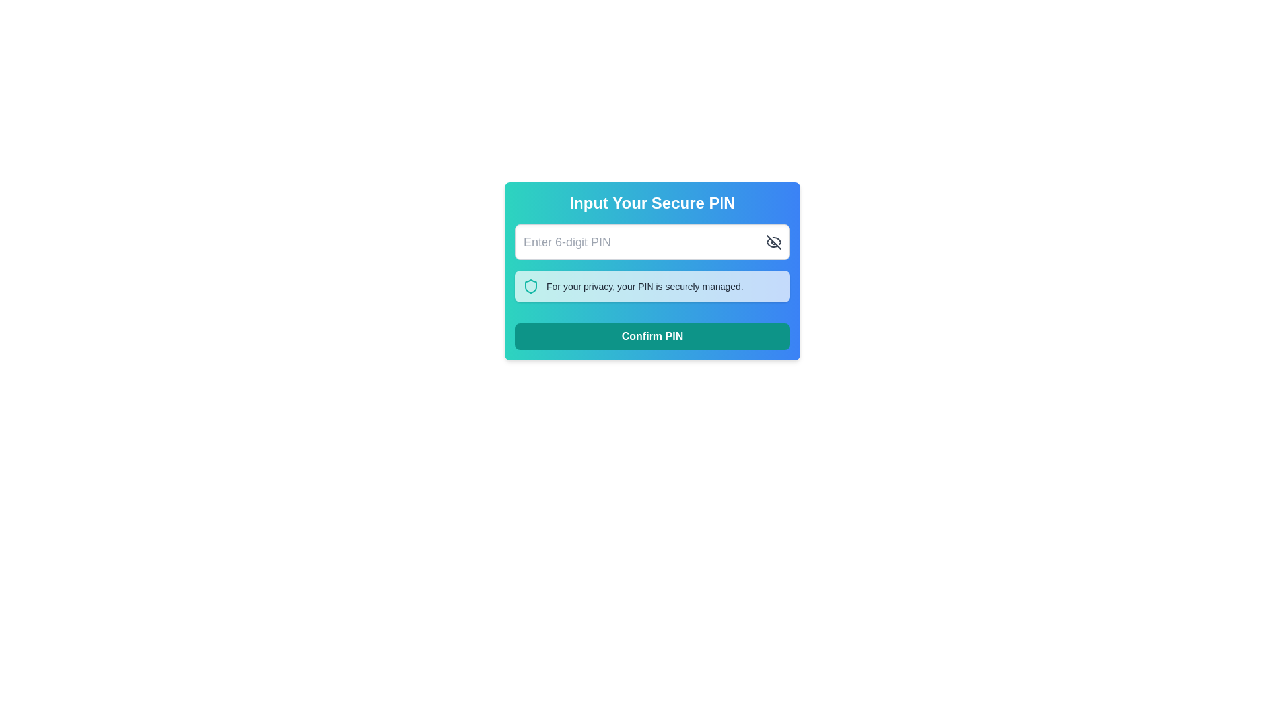 The height and width of the screenshot is (713, 1268). What do you see at coordinates (773, 242) in the screenshot?
I see `the visibility toggle icon located at the right end of the 'Enter 6-digit PIN' input field` at bounding box center [773, 242].